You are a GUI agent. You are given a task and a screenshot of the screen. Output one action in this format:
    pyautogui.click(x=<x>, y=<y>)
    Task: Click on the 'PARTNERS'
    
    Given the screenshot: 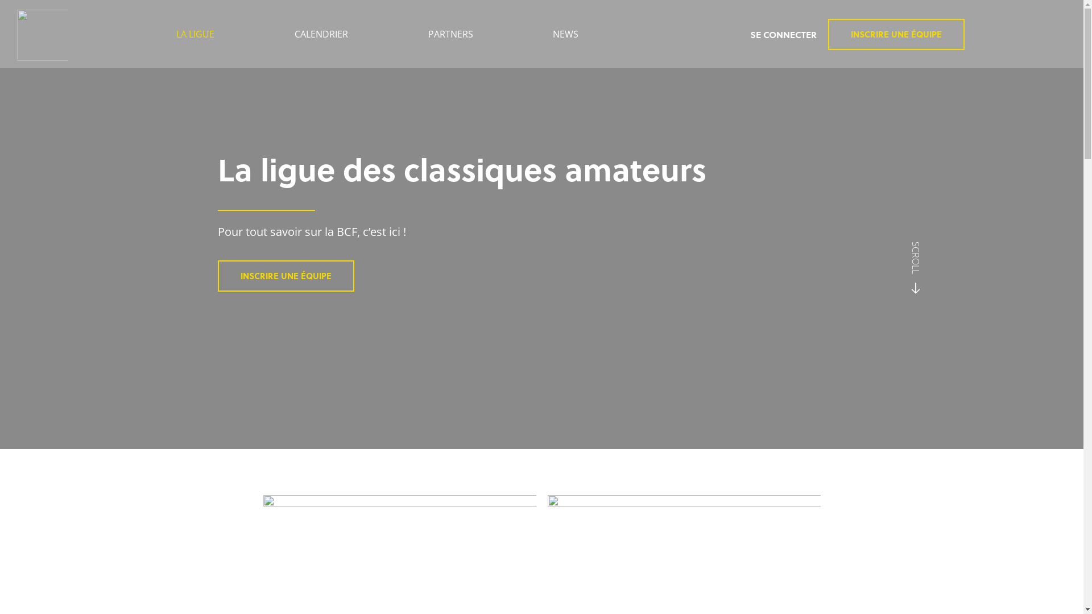 What is the action you would take?
    pyautogui.click(x=450, y=34)
    